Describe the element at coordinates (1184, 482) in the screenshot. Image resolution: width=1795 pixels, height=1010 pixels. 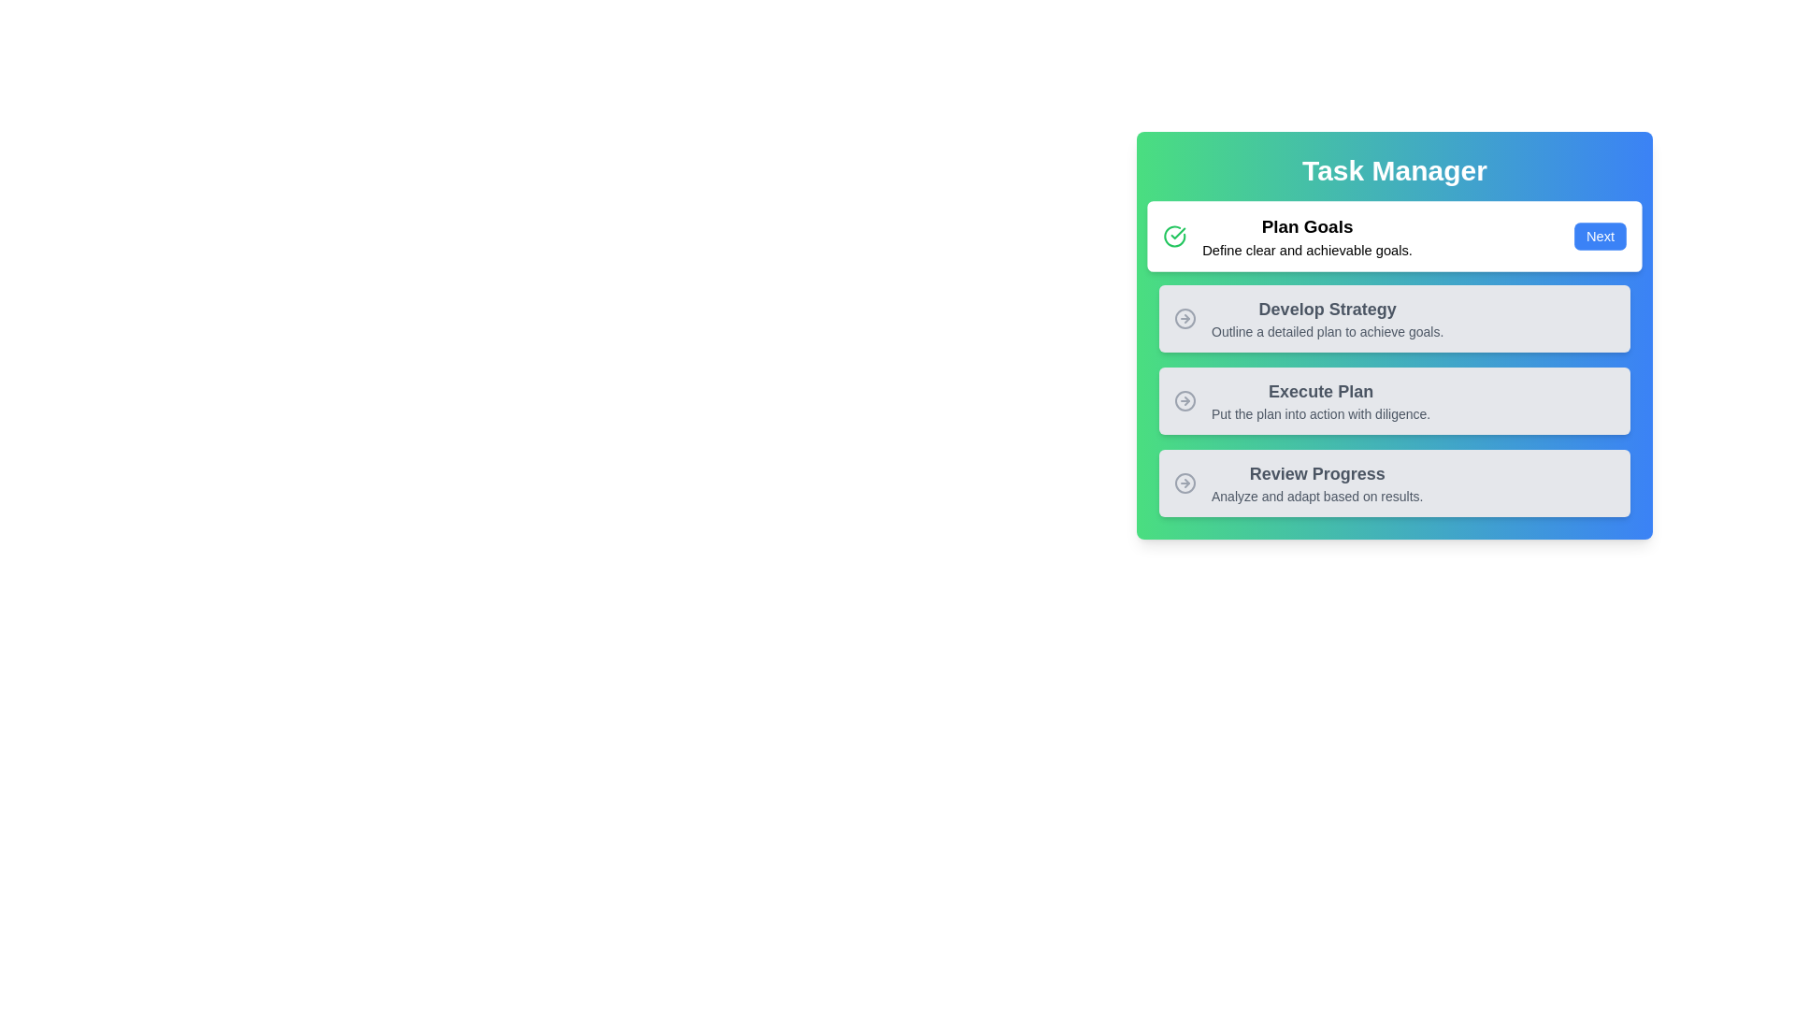
I see `the central circular graphic element with a radius of 10 units, which is part of the SVG graphic within the larger user interface` at that location.